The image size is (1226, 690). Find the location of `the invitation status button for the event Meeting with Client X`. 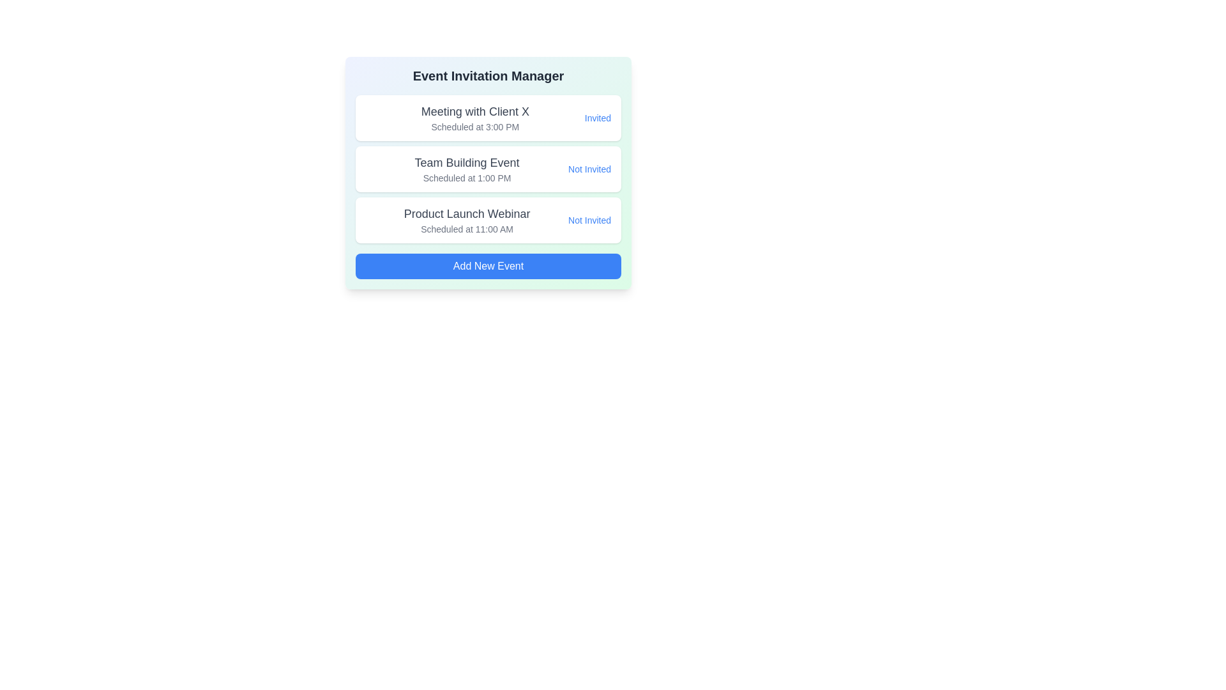

the invitation status button for the event Meeting with Client X is located at coordinates (597, 118).